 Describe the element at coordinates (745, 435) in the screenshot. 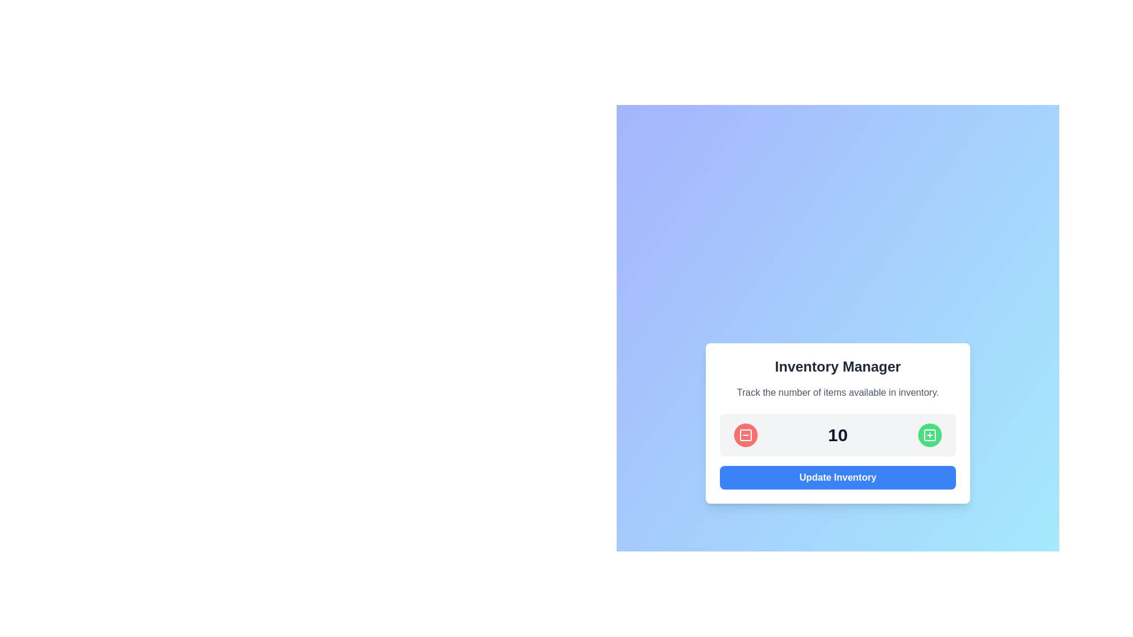

I see `the decrement button located on the left side of the rectangular section beneath the text 'Track the number of items available in inventory'` at that location.